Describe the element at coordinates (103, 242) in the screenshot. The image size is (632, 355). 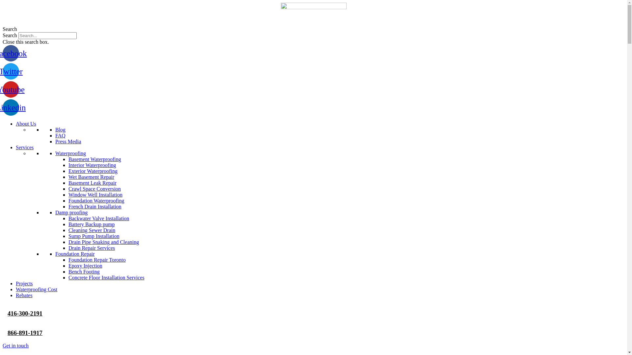
I see `'Drain Pipe Snaking and Cleaning'` at that location.